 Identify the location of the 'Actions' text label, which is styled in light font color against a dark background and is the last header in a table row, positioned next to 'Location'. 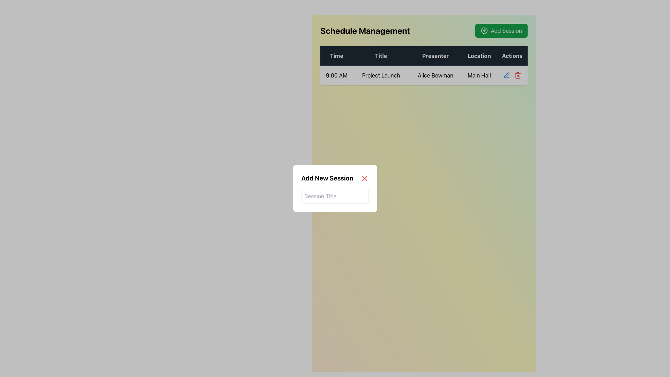
(512, 55).